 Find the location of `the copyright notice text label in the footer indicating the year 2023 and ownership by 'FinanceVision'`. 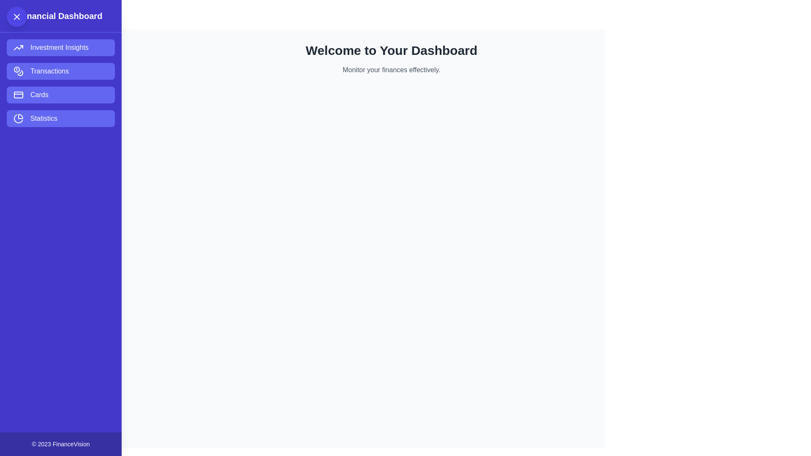

the copyright notice text label in the footer indicating the year 2023 and ownership by 'FinanceVision' is located at coordinates (60, 444).